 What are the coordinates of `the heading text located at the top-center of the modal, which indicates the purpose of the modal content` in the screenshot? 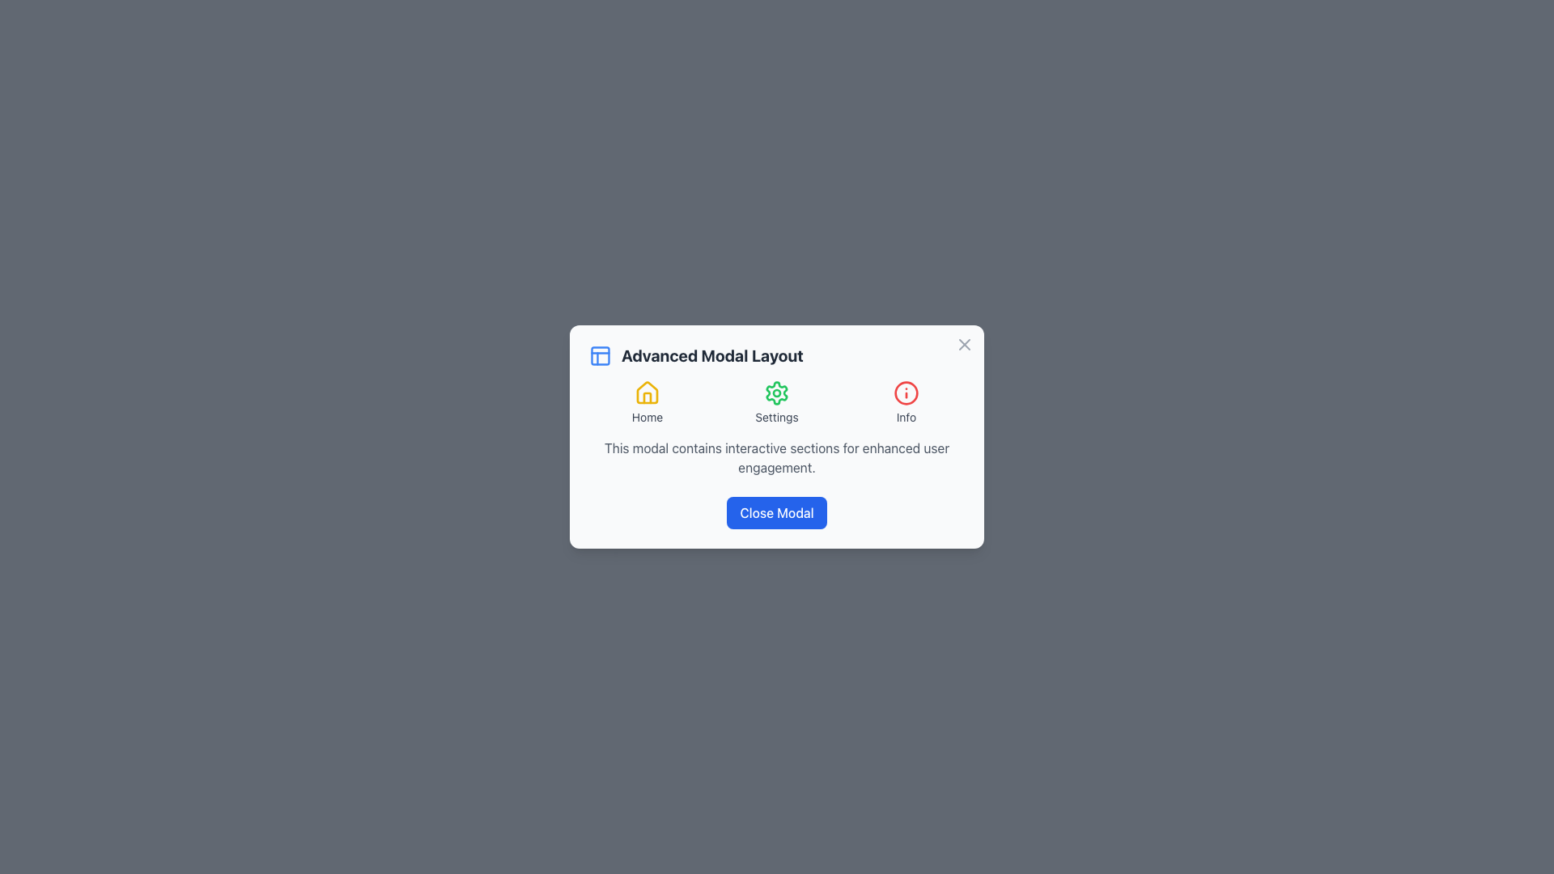 It's located at (712, 354).